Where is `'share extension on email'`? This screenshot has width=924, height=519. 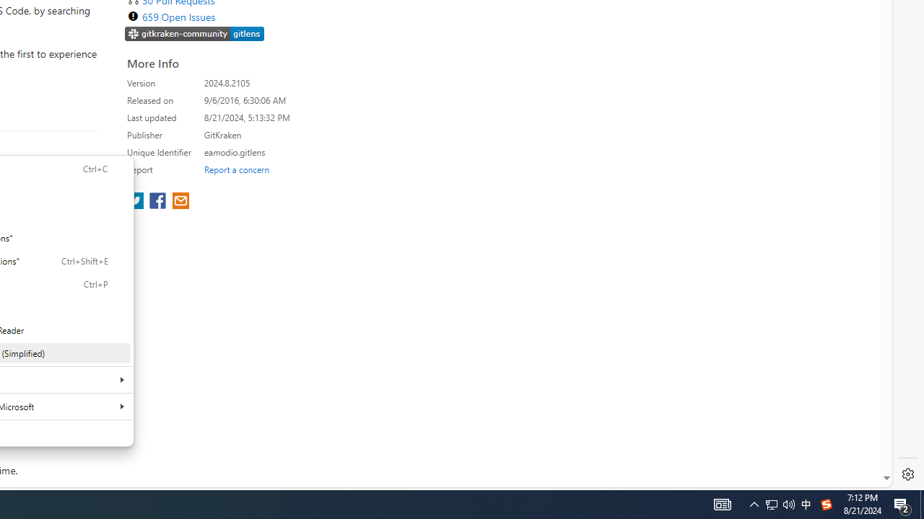
'share extension on email' is located at coordinates (179, 202).